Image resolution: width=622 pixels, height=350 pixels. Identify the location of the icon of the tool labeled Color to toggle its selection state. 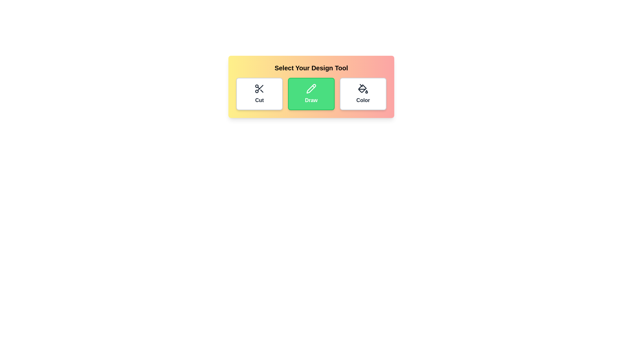
(363, 94).